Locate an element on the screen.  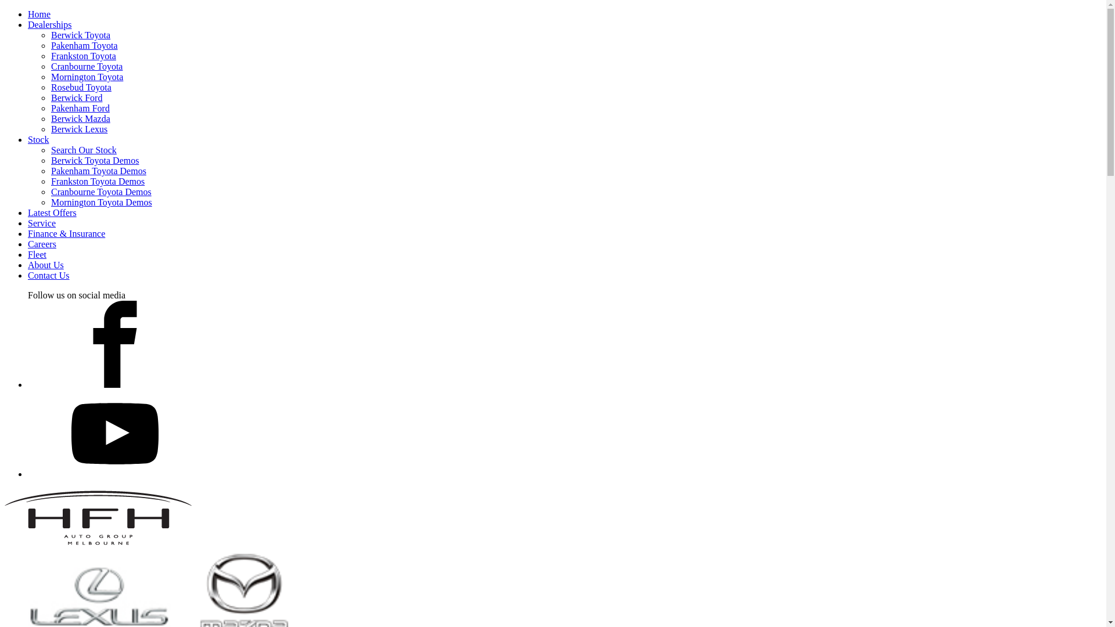
'Latest Offers' is located at coordinates (28, 212).